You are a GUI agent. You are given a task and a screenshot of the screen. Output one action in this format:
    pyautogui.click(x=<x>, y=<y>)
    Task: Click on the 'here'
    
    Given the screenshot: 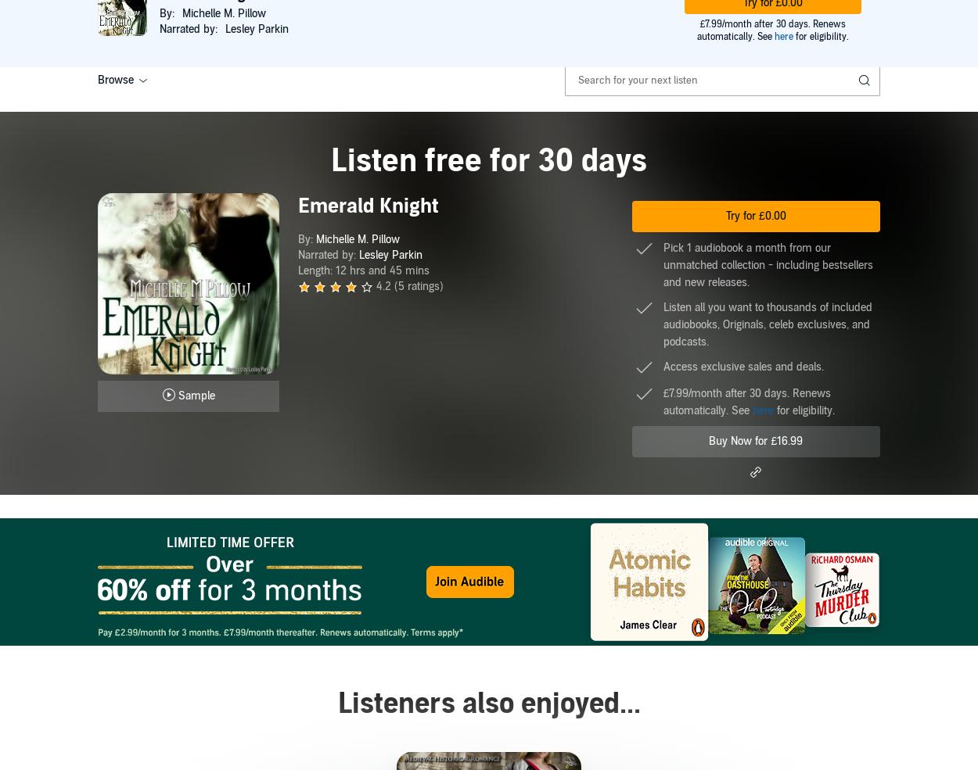 What is the action you would take?
    pyautogui.click(x=751, y=410)
    